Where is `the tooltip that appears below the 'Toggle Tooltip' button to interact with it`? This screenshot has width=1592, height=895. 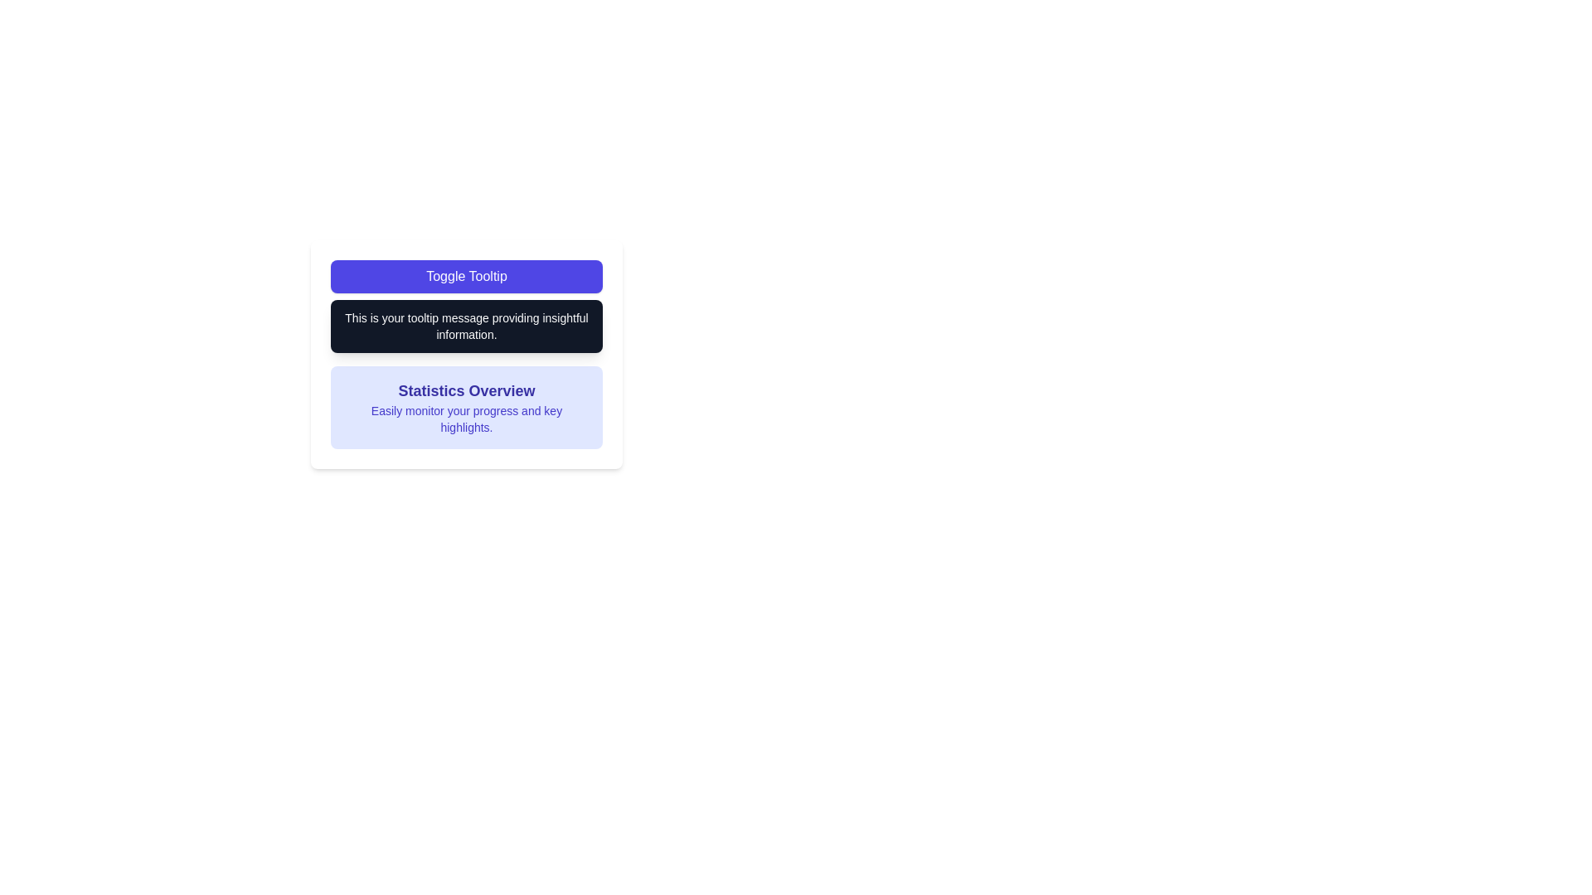 the tooltip that appears below the 'Toggle Tooltip' button to interact with it is located at coordinates (465, 326).